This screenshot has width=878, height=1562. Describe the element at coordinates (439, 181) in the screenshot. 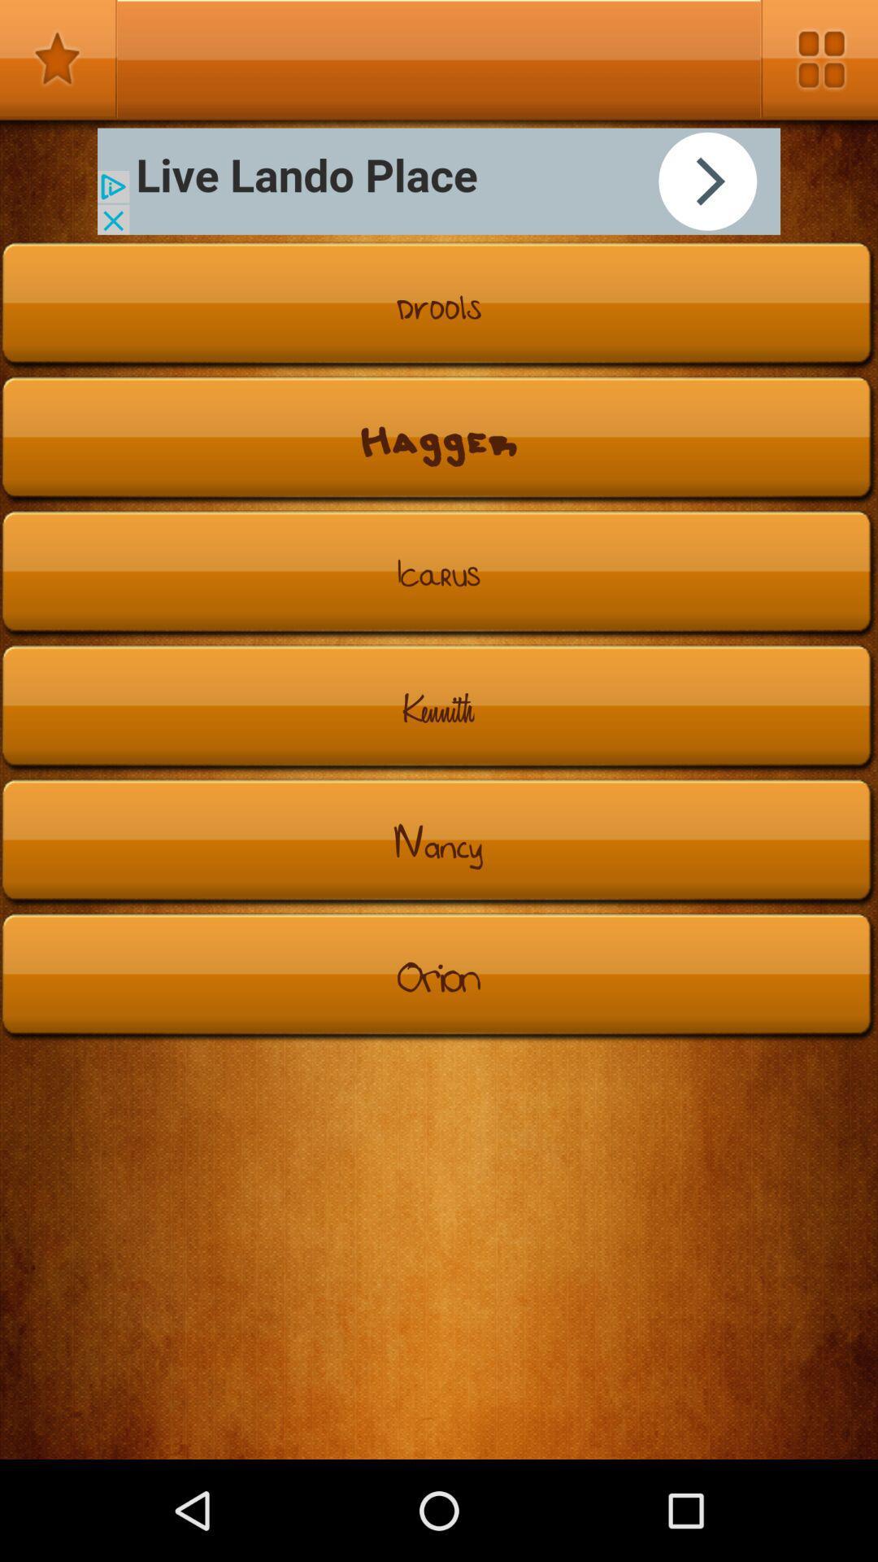

I see `live lando place` at that location.